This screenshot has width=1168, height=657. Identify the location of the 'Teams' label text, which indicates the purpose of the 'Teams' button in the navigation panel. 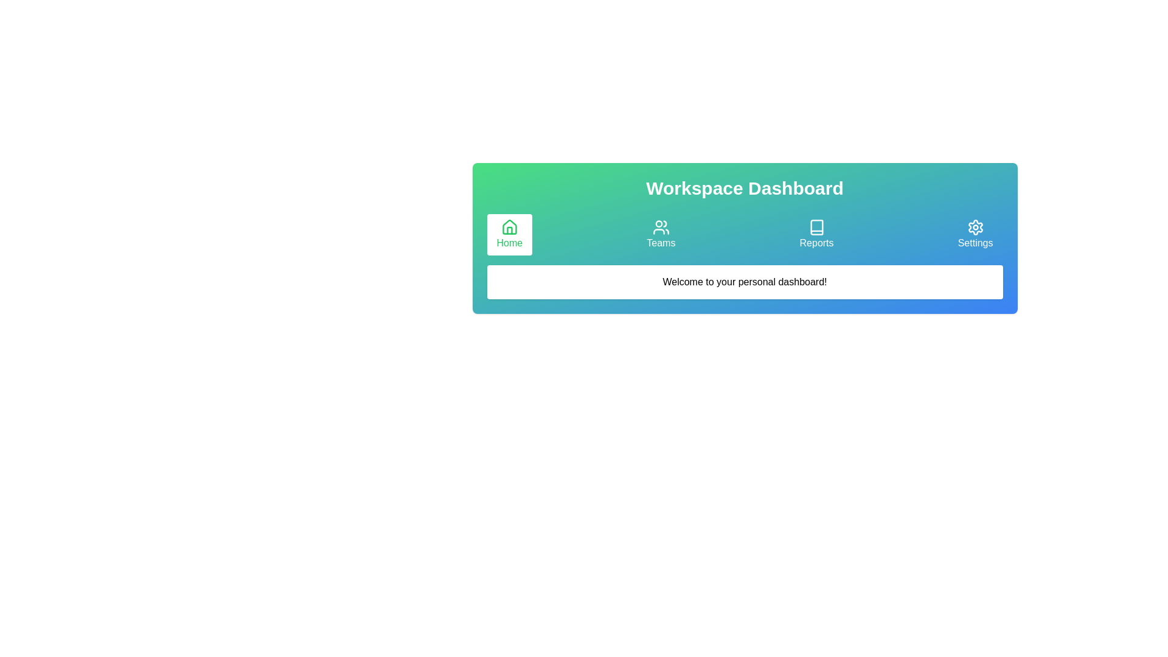
(660, 243).